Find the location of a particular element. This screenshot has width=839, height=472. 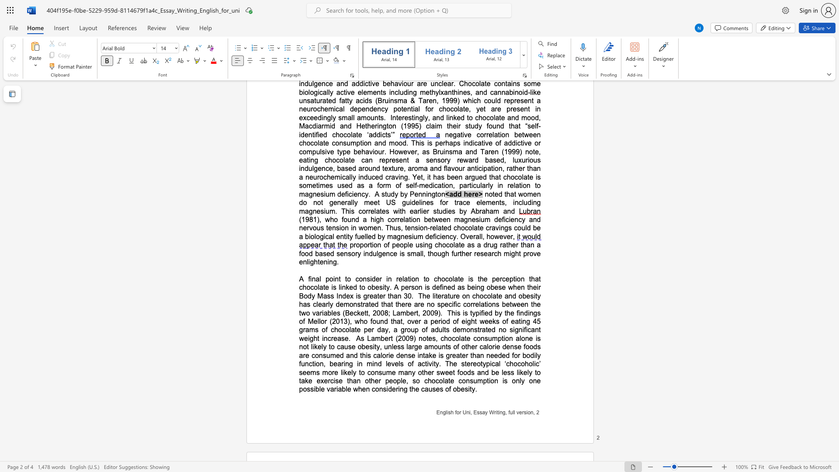

the subset text "sider in" within the text "to consider in relation to chocolate is the" is located at coordinates (367, 279).